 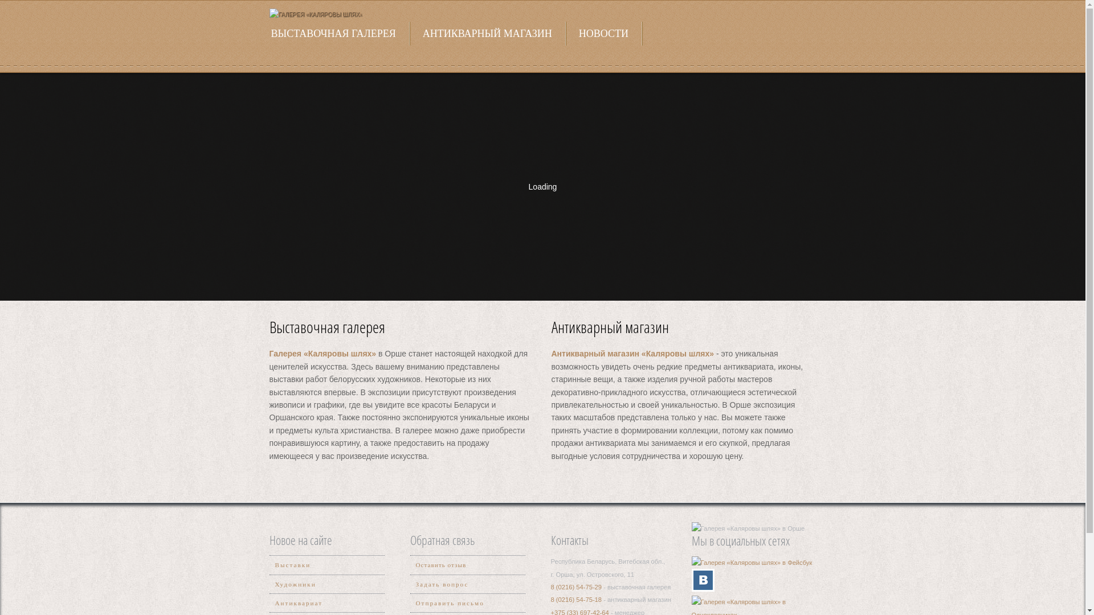 I want to click on '8 (0216) 54-75-18', so click(x=576, y=599).